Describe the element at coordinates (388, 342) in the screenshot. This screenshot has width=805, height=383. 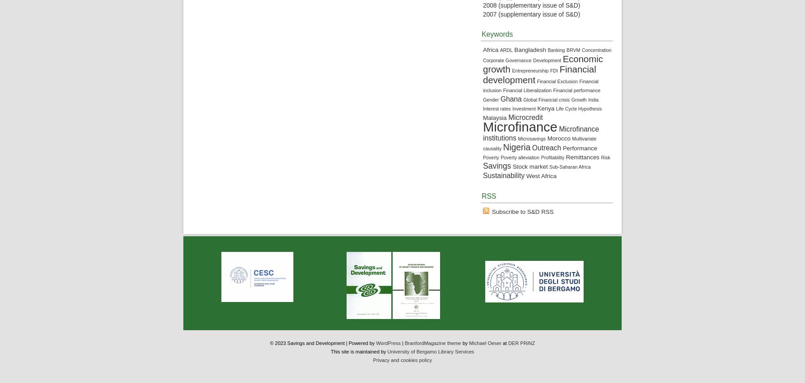
I see `'WordPress'` at that location.